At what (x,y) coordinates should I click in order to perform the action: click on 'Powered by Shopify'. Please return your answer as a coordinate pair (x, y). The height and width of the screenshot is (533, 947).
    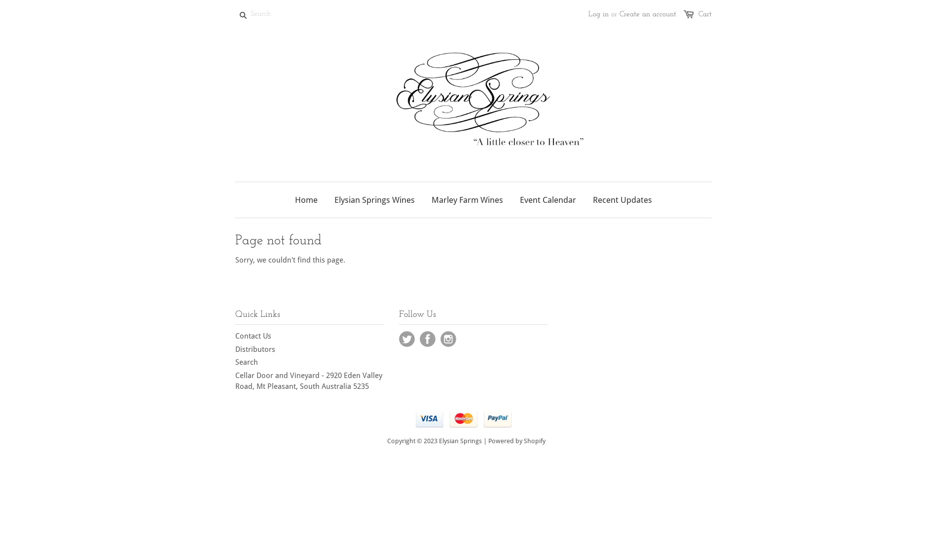
    Looking at the image, I should click on (488, 440).